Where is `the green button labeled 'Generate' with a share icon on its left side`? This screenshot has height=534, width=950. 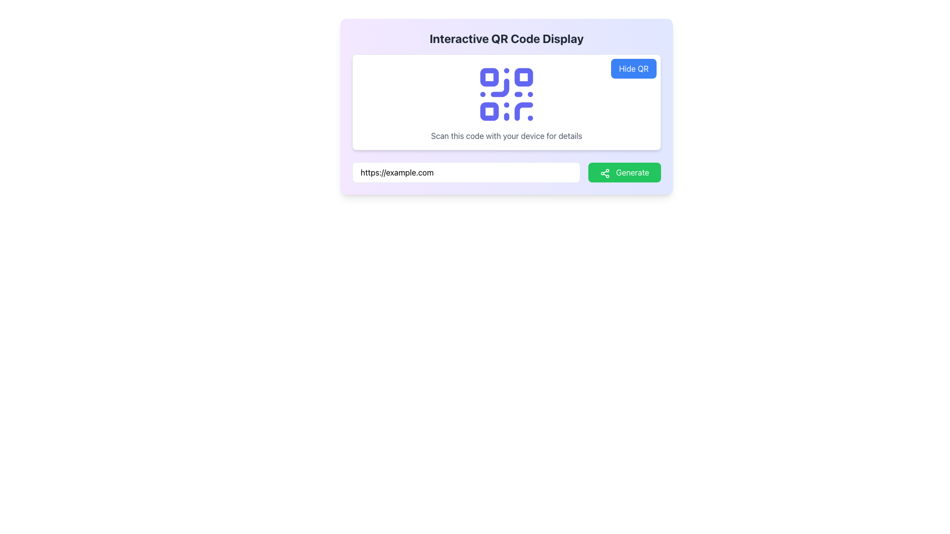
the green button labeled 'Generate' with a share icon on its left side is located at coordinates (624, 172).